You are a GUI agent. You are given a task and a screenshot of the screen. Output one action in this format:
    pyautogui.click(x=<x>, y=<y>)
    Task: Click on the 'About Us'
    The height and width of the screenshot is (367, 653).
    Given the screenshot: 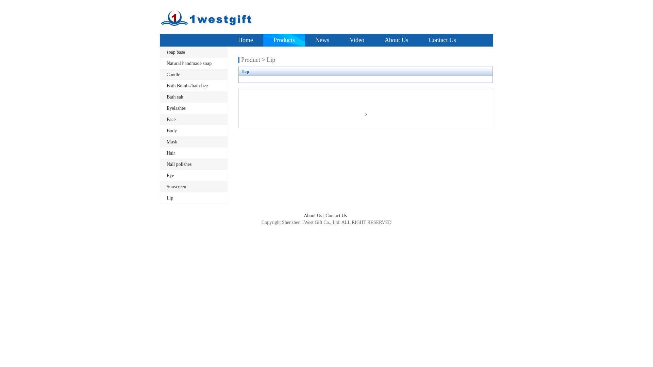 What is the action you would take?
    pyautogui.click(x=397, y=40)
    